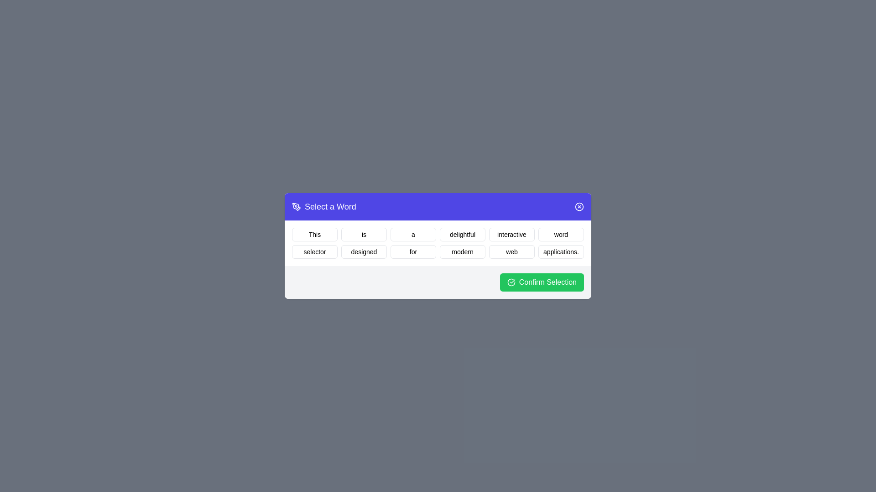 The height and width of the screenshot is (492, 876). I want to click on the word is by clicking on it, so click(363, 234).